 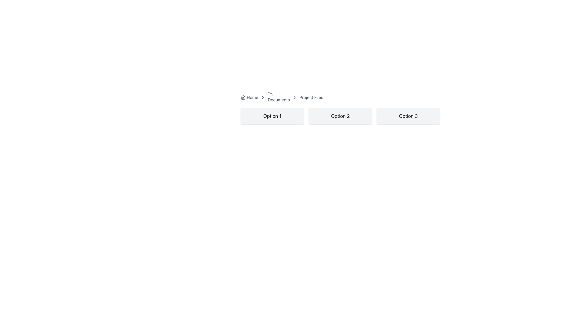 What do you see at coordinates (311, 97) in the screenshot?
I see `the 'Project Files' static text label located in the breadcrumb navigation bar, positioned after the 'Documents' label and a chevron icon` at bounding box center [311, 97].